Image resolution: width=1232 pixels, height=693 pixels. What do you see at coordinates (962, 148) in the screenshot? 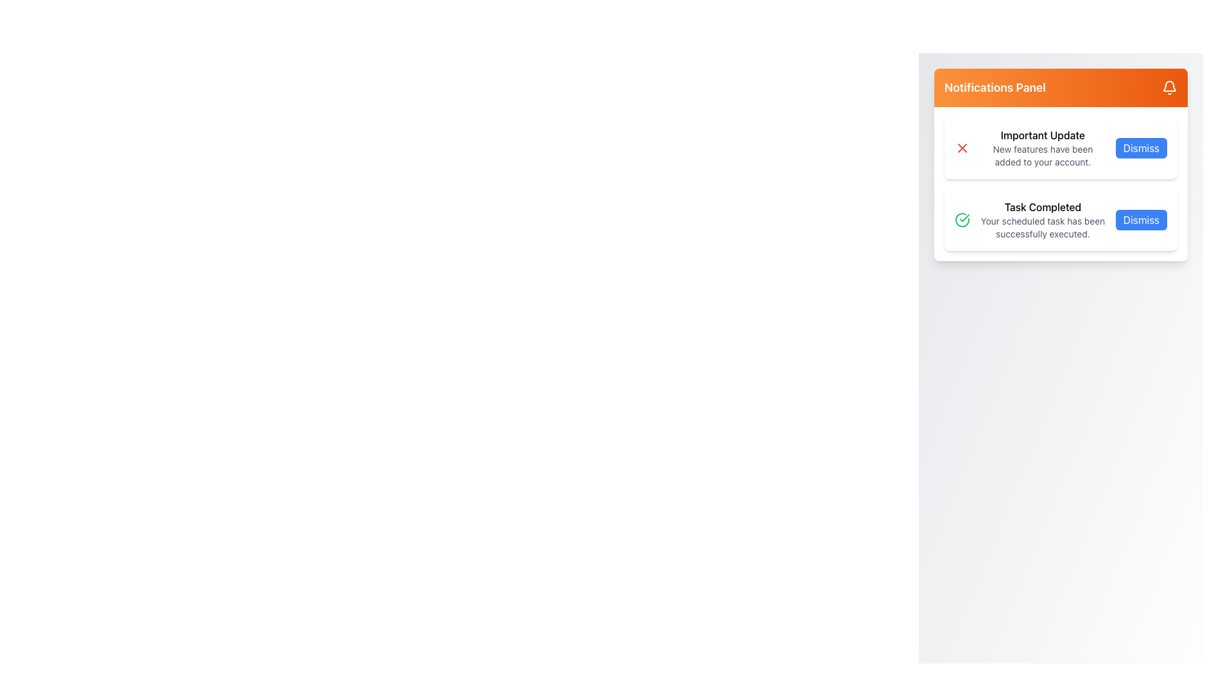
I see `the bright red cross icon located in the 'Important Update' notification within the Notifications Panel` at bounding box center [962, 148].